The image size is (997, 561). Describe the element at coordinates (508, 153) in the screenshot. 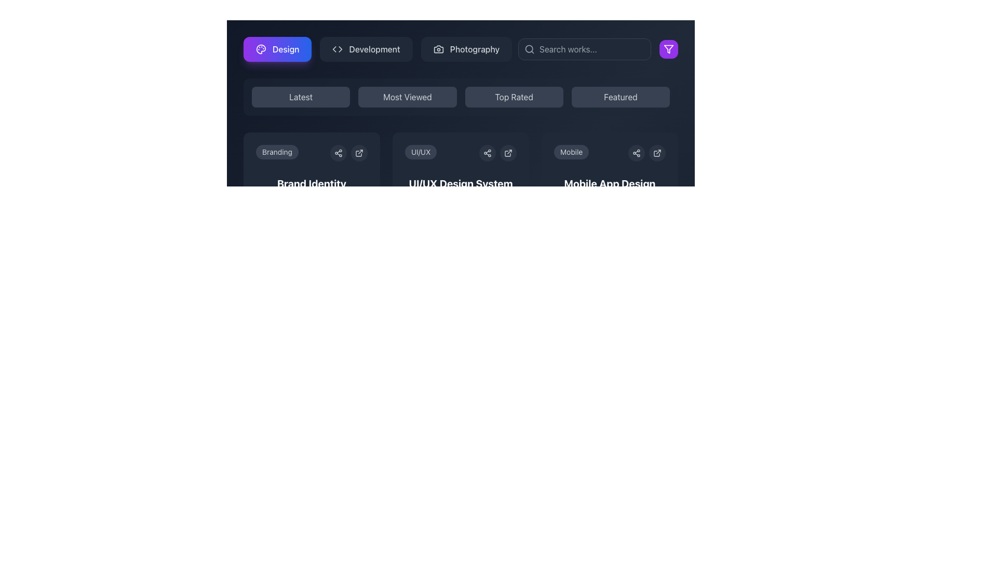

I see `the external link button, which is the second button` at that location.